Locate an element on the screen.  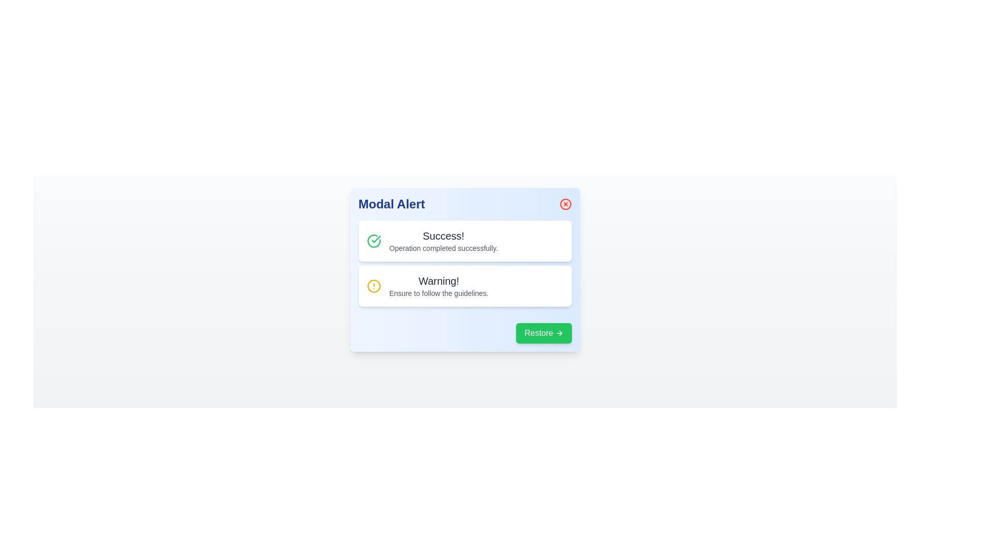
the static text label that conveys a success message, which is located at the top of a two-line text block within a modal dialog, preceding the text 'Operation completed successfully.' is located at coordinates (443, 236).